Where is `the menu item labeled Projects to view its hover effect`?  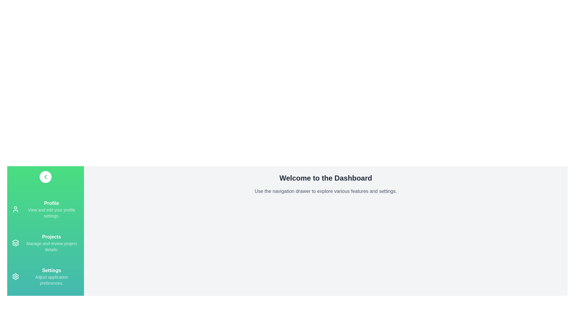 the menu item labeled Projects to view its hover effect is located at coordinates (45, 243).